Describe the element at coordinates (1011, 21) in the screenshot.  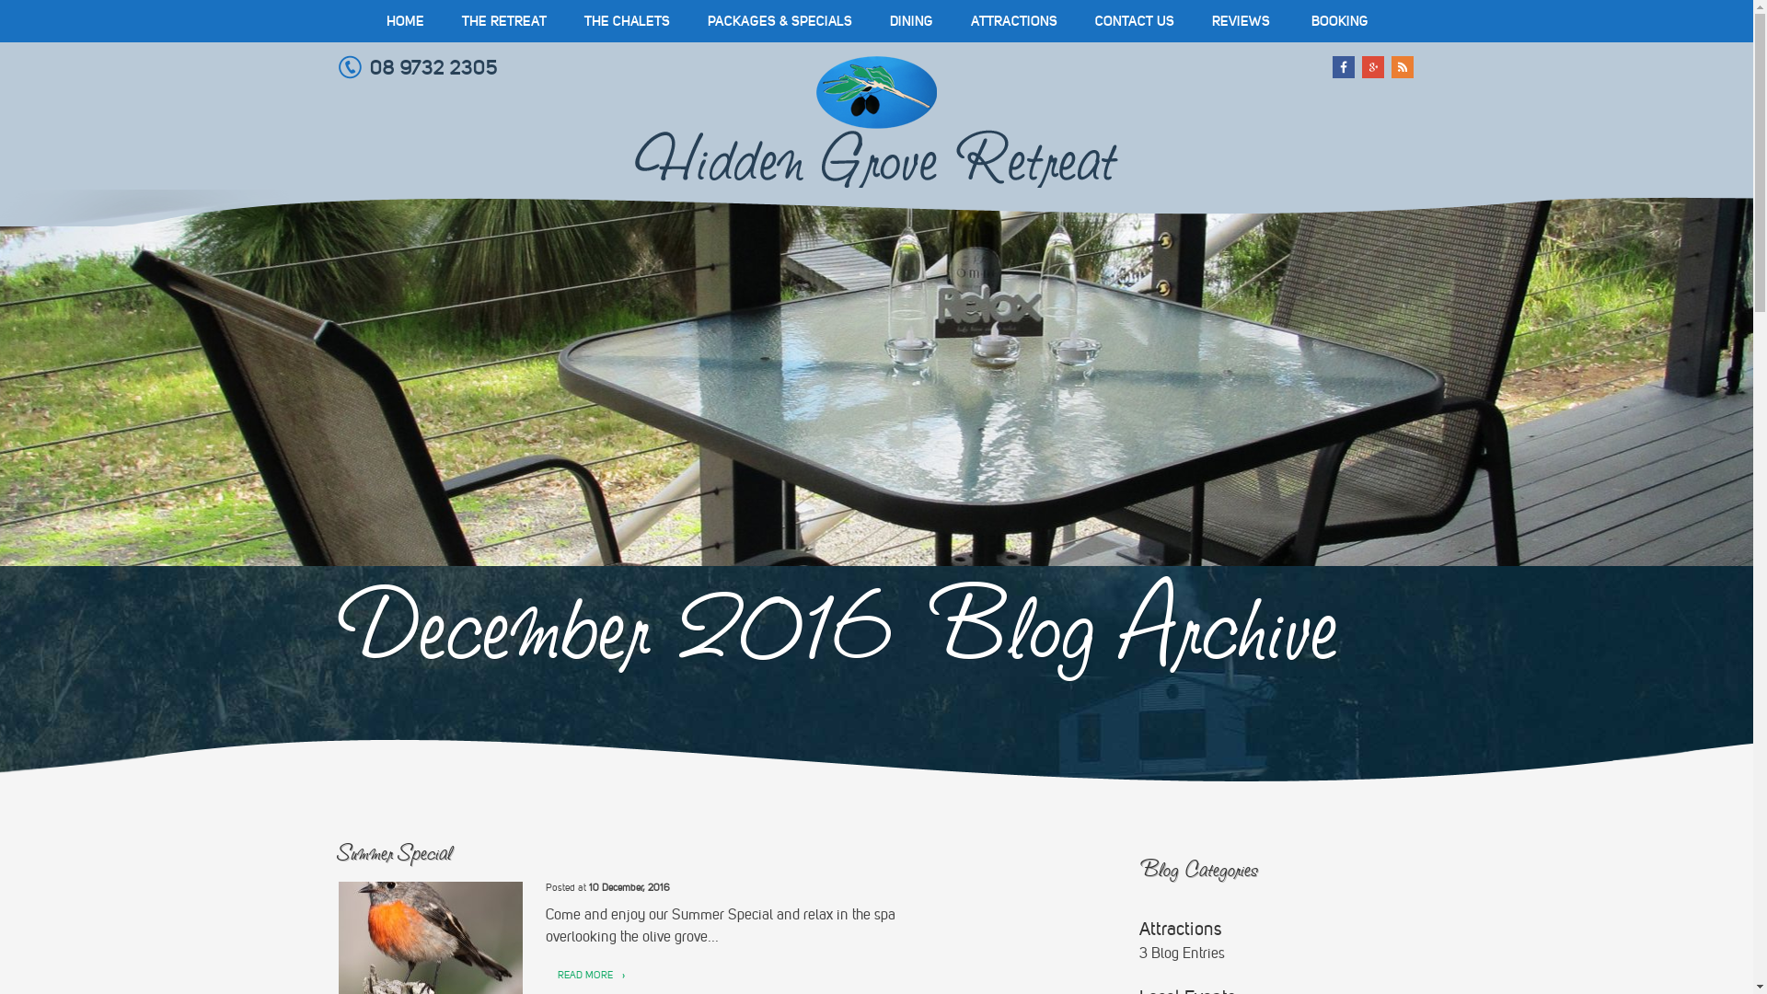
I see `'ATTRACTIONS'` at that location.